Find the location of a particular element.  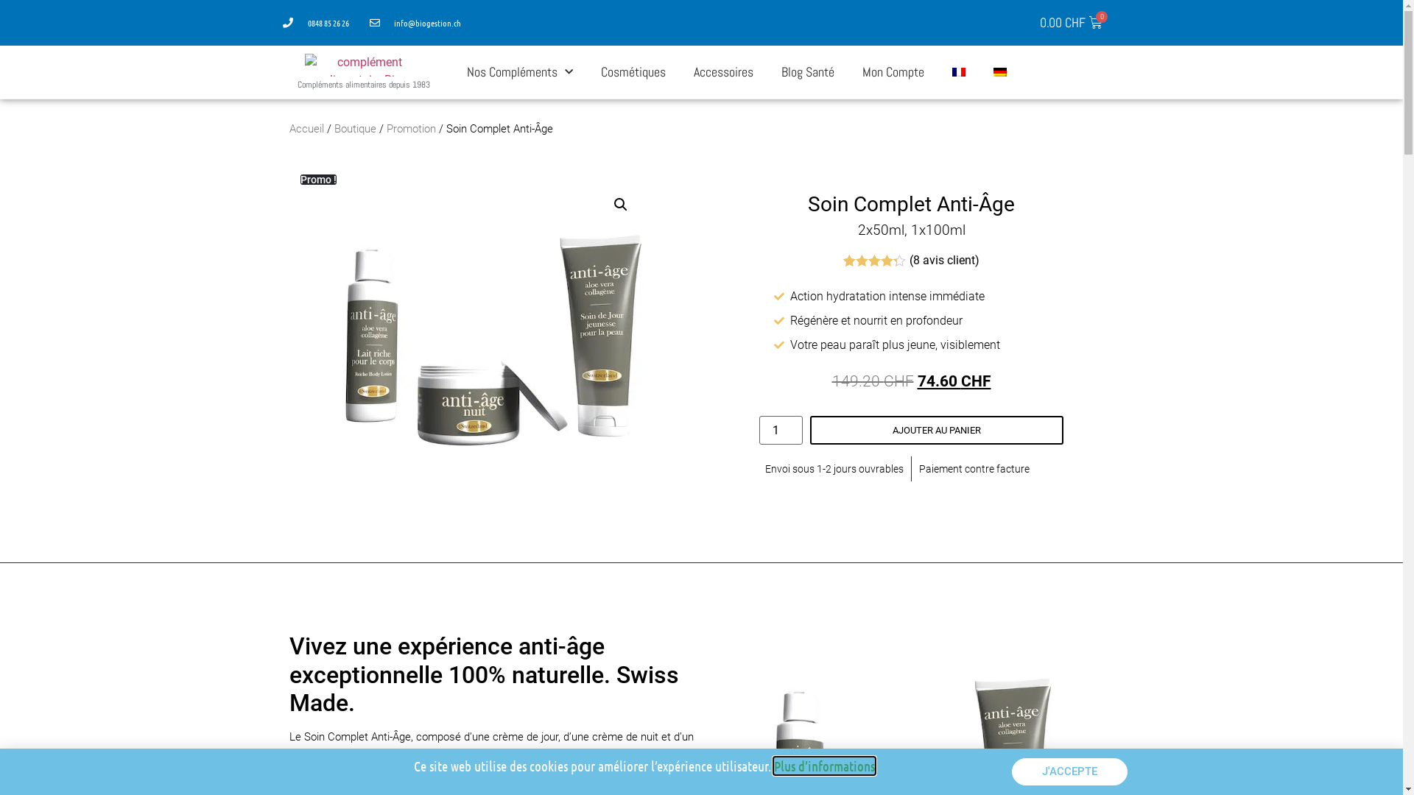

'AJOUTER AU PANIER' is located at coordinates (936, 430).